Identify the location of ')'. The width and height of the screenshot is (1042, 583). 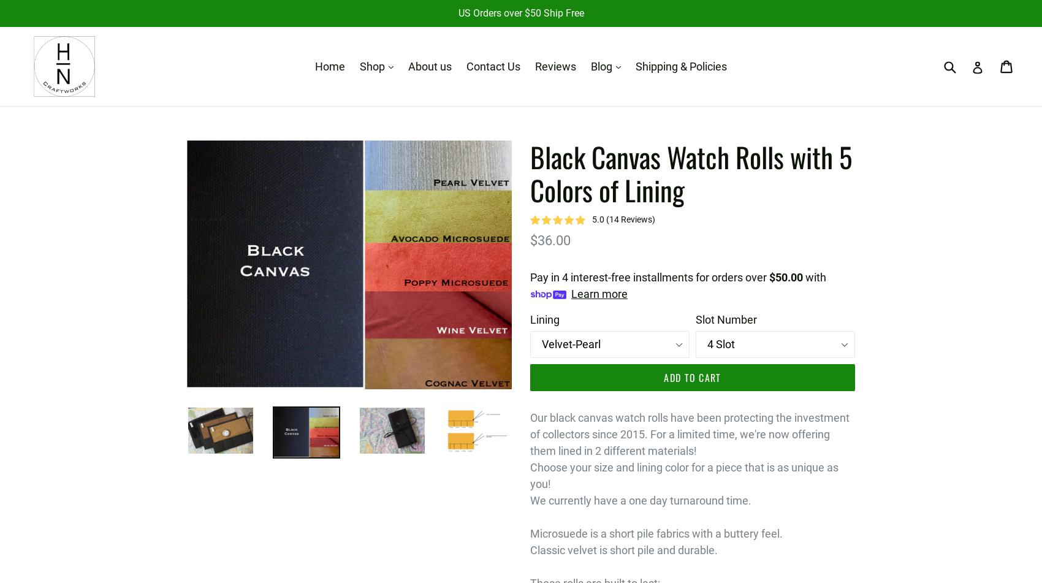
(653, 219).